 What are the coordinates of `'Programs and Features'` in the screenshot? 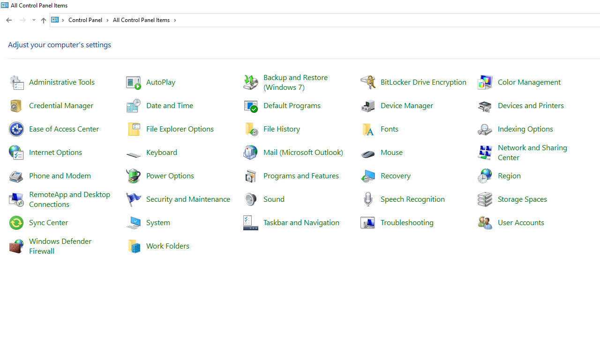 It's located at (301, 175).